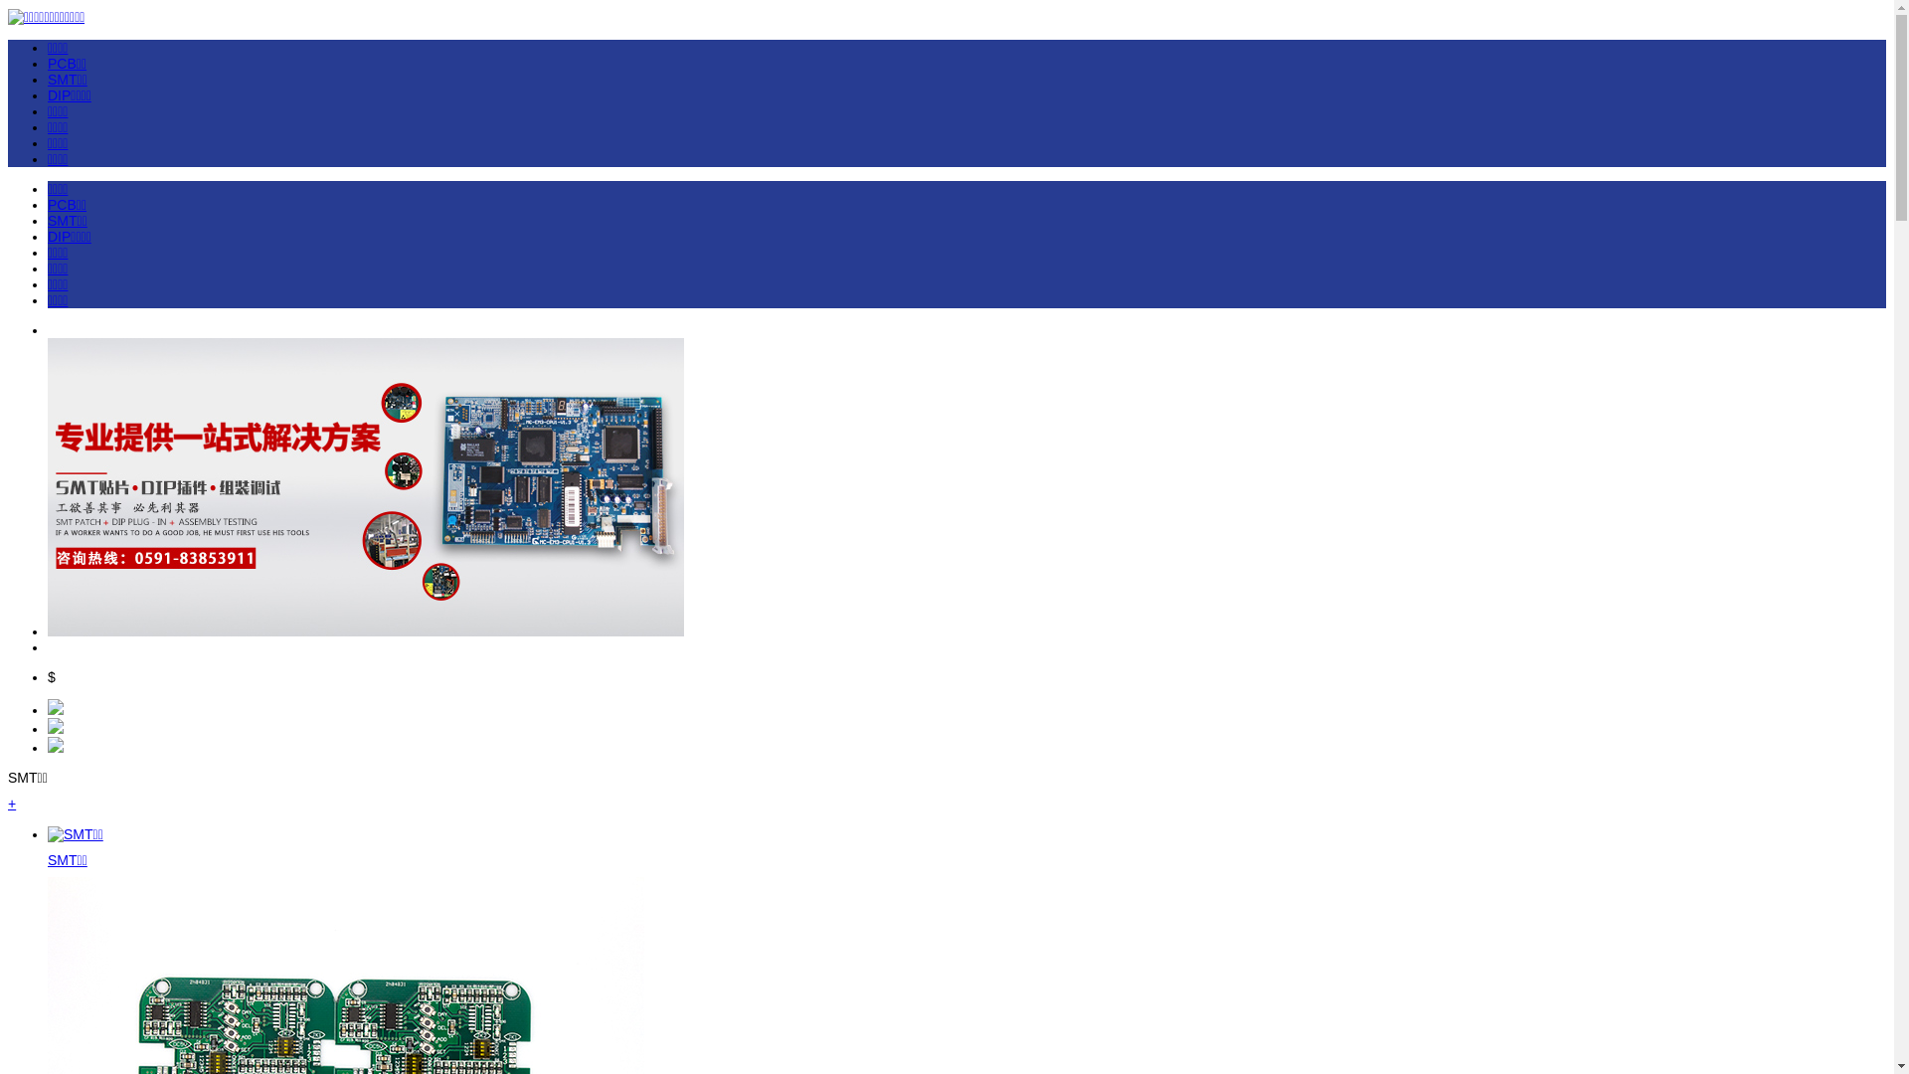 The width and height of the screenshot is (1909, 1074). Describe the element at coordinates (12, 802) in the screenshot. I see `'+'` at that location.